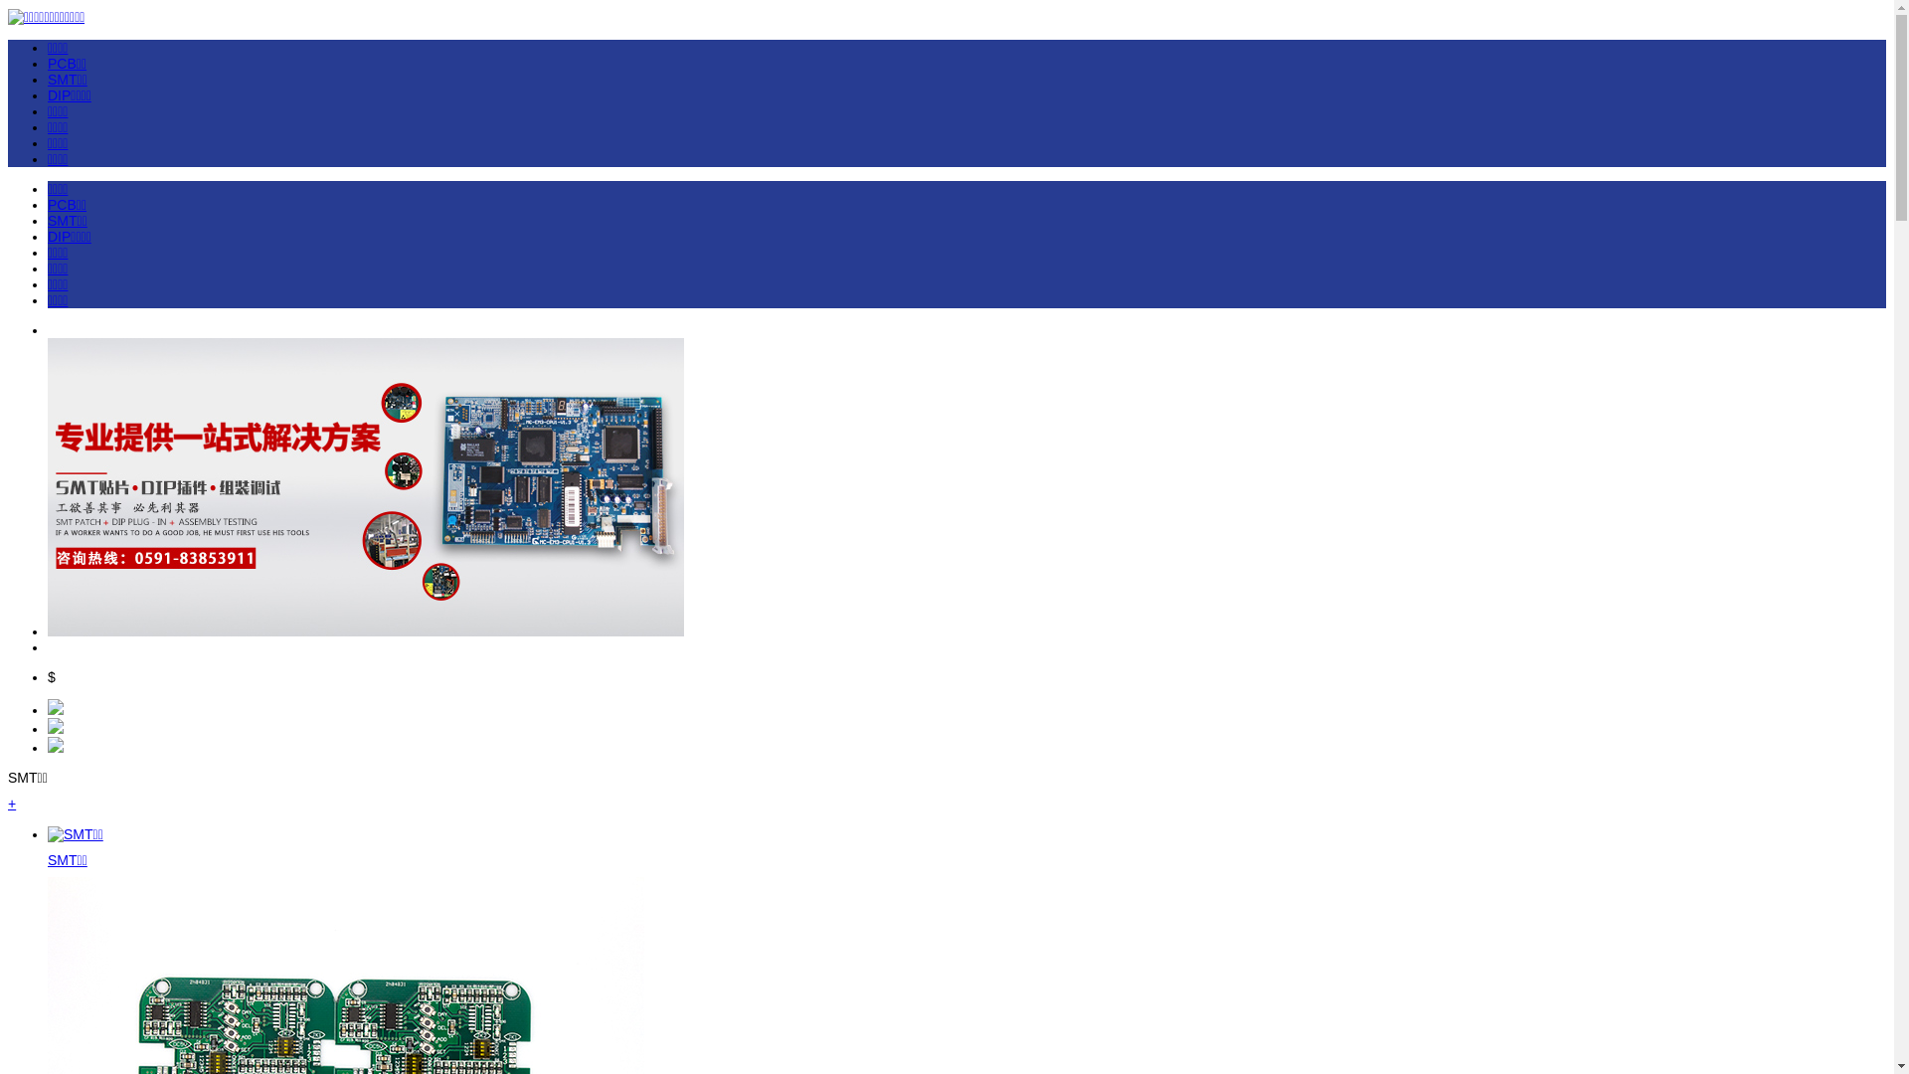 The width and height of the screenshot is (1909, 1074). Describe the element at coordinates (12, 802) in the screenshot. I see `'+'` at that location.